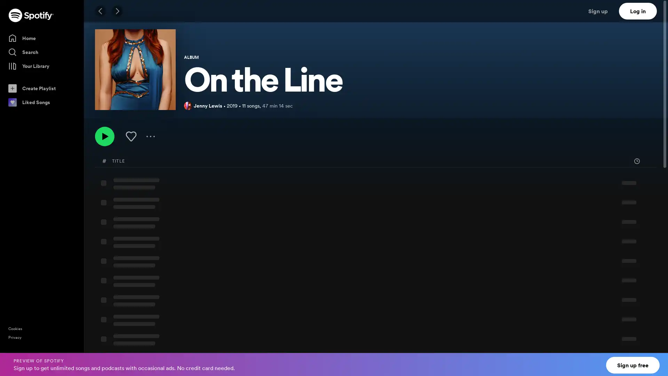 This screenshot has width=668, height=376. Describe the element at coordinates (103, 241) in the screenshot. I see `Play Hollywood Lawn by Jenny Lewis` at that location.